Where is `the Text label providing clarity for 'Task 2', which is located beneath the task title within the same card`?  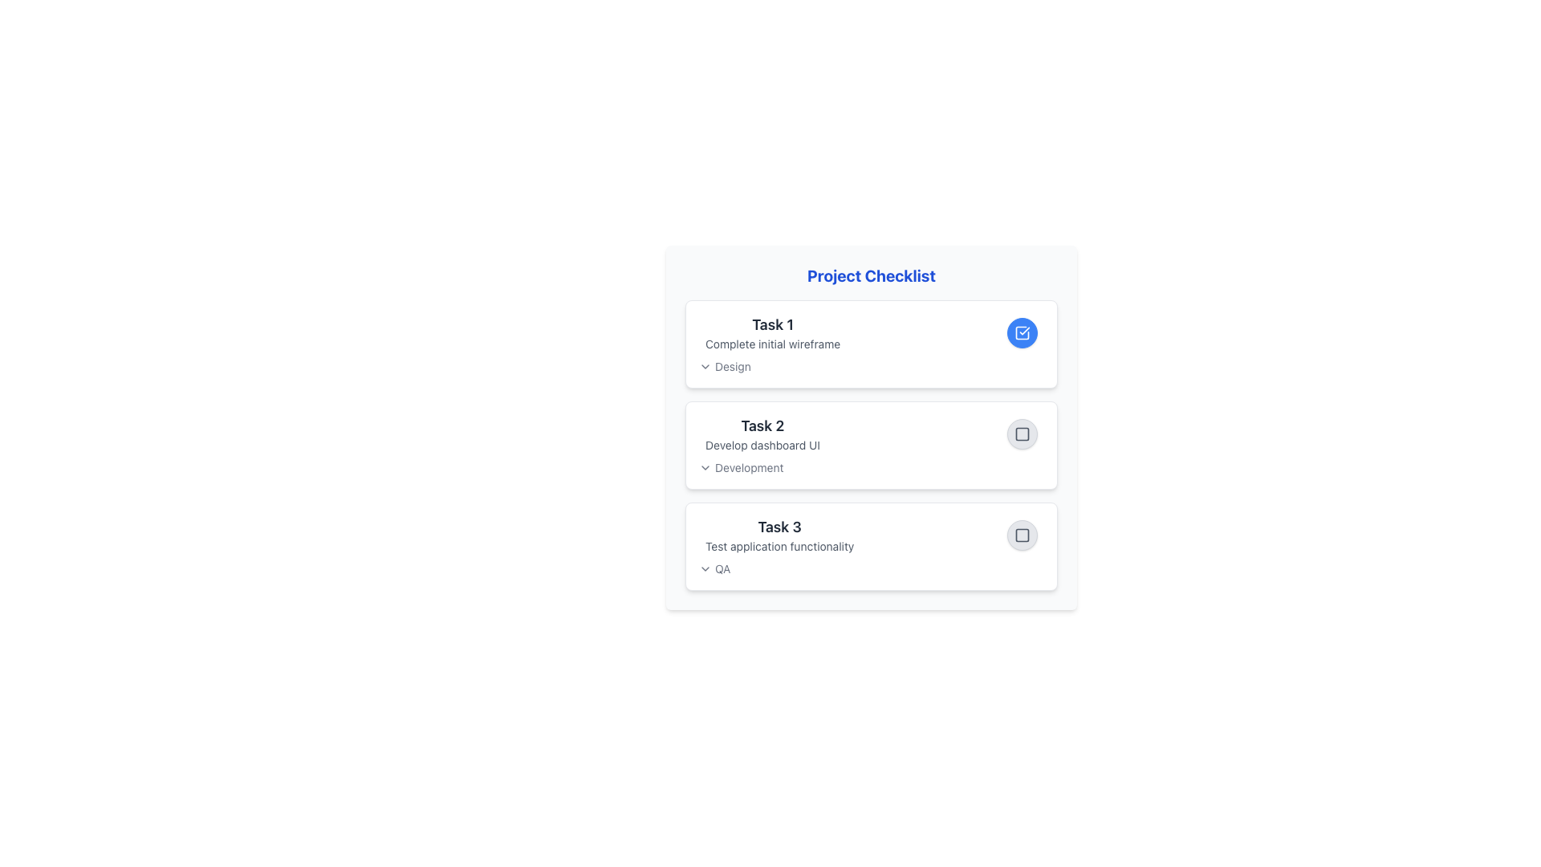
the Text label providing clarity for 'Task 2', which is located beneath the task title within the same card is located at coordinates (762, 446).